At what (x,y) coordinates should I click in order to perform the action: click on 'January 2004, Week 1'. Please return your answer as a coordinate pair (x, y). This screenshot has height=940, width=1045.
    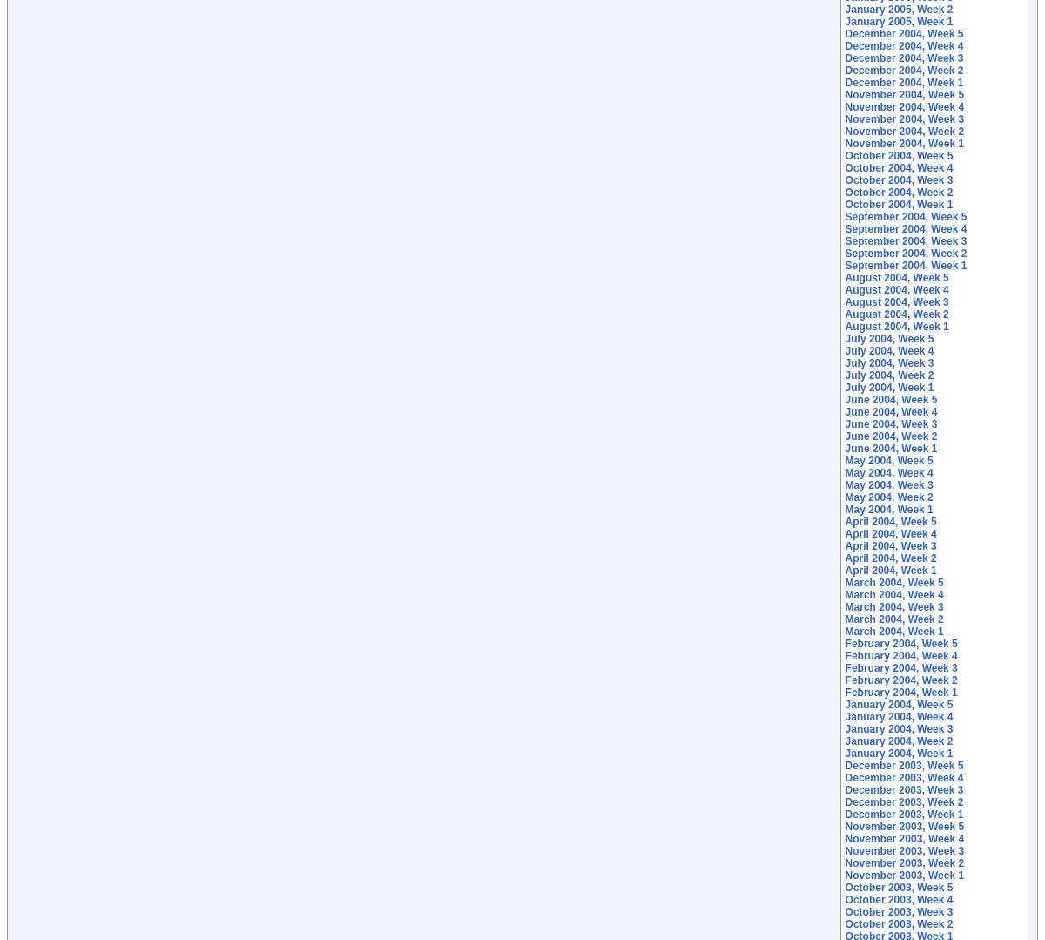
    Looking at the image, I should click on (899, 754).